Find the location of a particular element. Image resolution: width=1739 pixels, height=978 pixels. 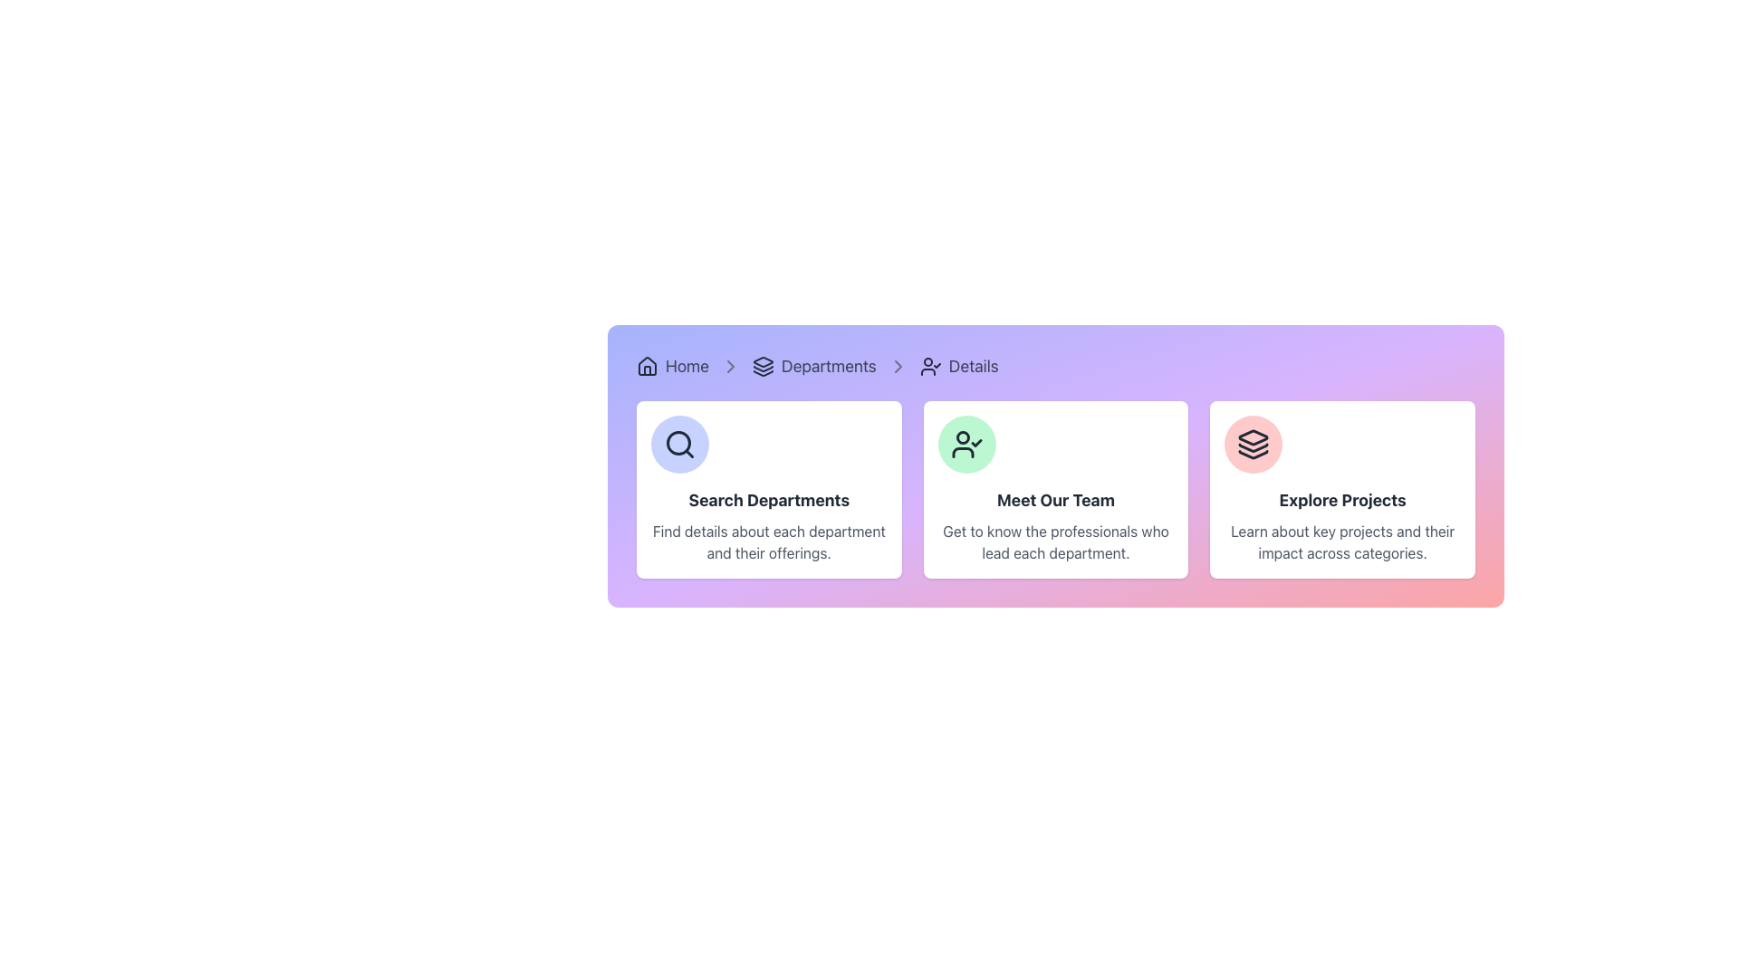

text label that is directly beneath the title 'Meet Our Team', displaying the content 'Get to know the professionals who lead each department.' is located at coordinates (1056, 541).